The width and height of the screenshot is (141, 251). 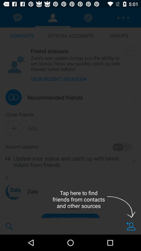 I want to click on icon next to the friend statuses icon, so click(x=15, y=64).